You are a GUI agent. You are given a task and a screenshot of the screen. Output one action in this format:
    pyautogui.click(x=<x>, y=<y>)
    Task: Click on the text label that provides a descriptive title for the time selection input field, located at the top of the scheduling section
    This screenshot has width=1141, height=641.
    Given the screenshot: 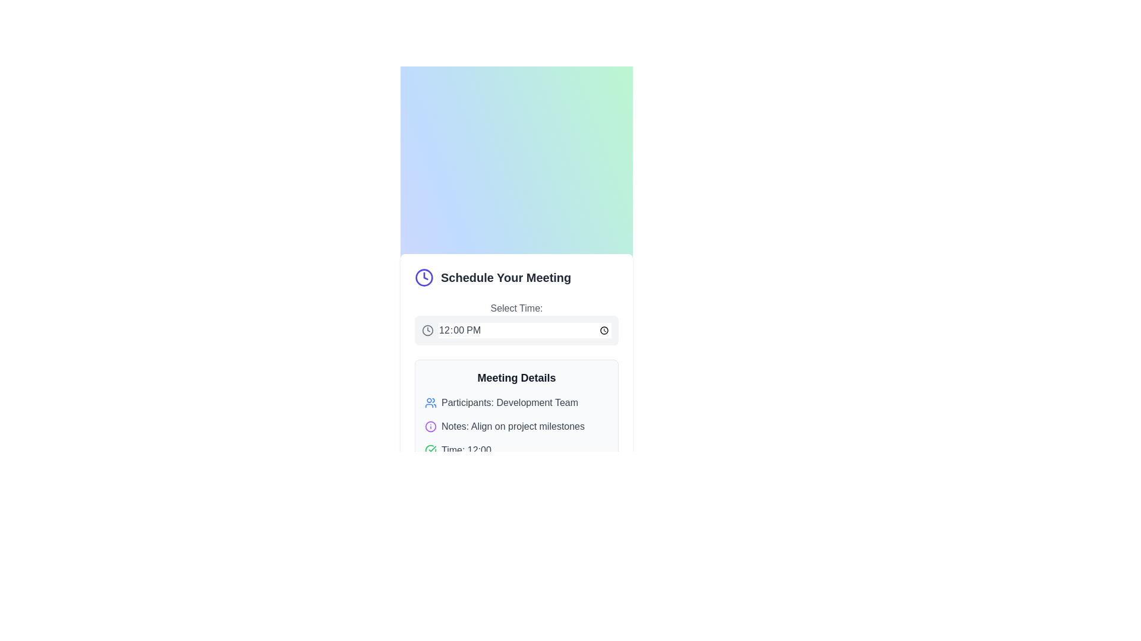 What is the action you would take?
    pyautogui.click(x=516, y=308)
    